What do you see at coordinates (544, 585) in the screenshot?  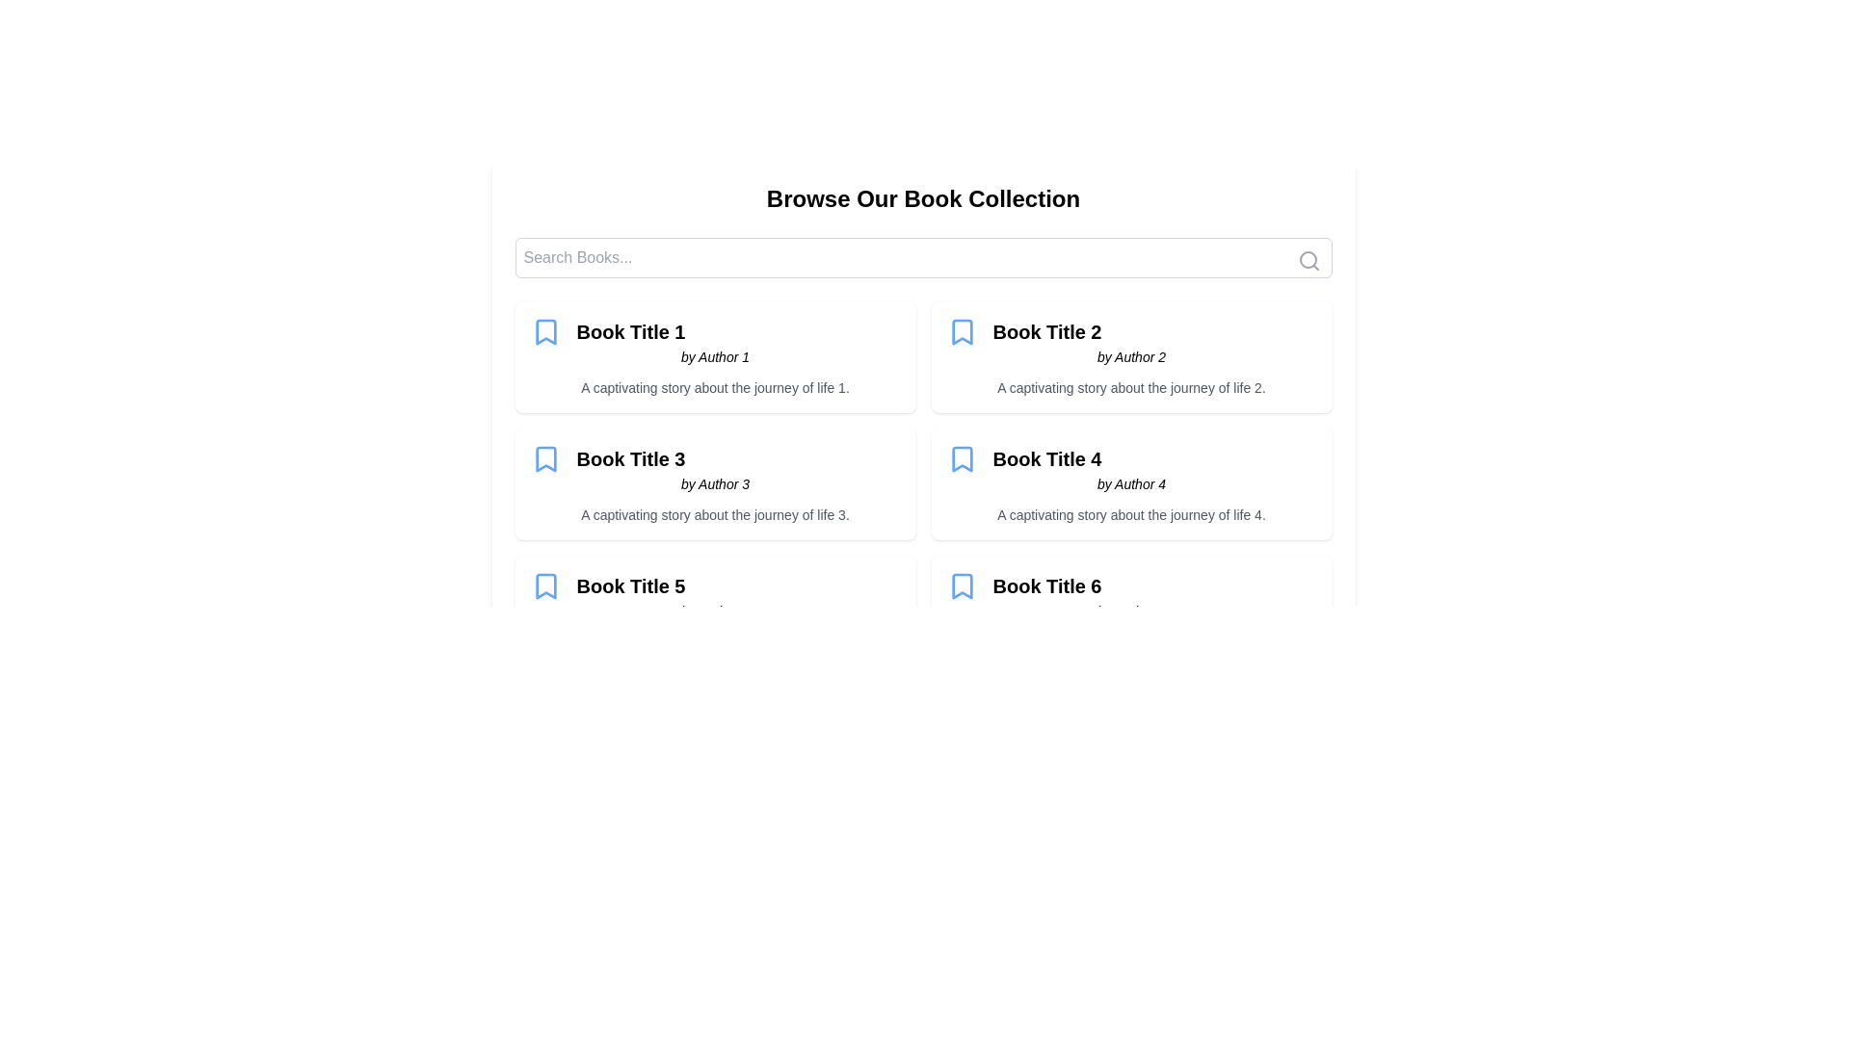 I see `the SVG bookmark icon located in the top-left corner of the card for 'Book Title 5'` at bounding box center [544, 585].